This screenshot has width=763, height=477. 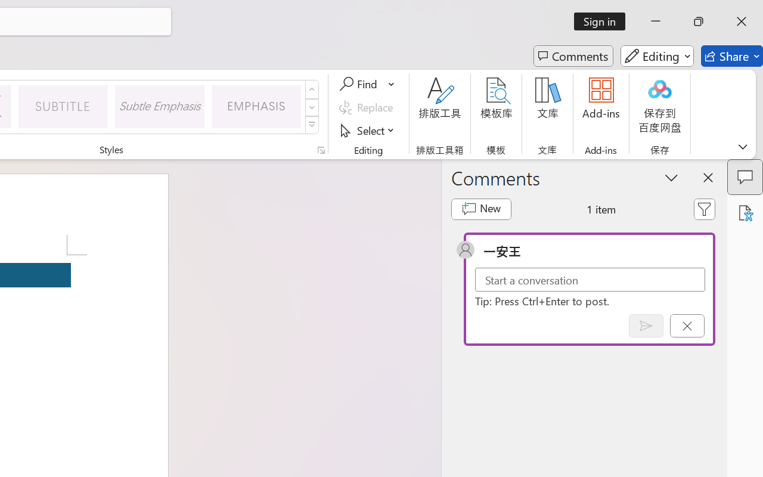 What do you see at coordinates (656, 56) in the screenshot?
I see `'Editing'` at bounding box center [656, 56].